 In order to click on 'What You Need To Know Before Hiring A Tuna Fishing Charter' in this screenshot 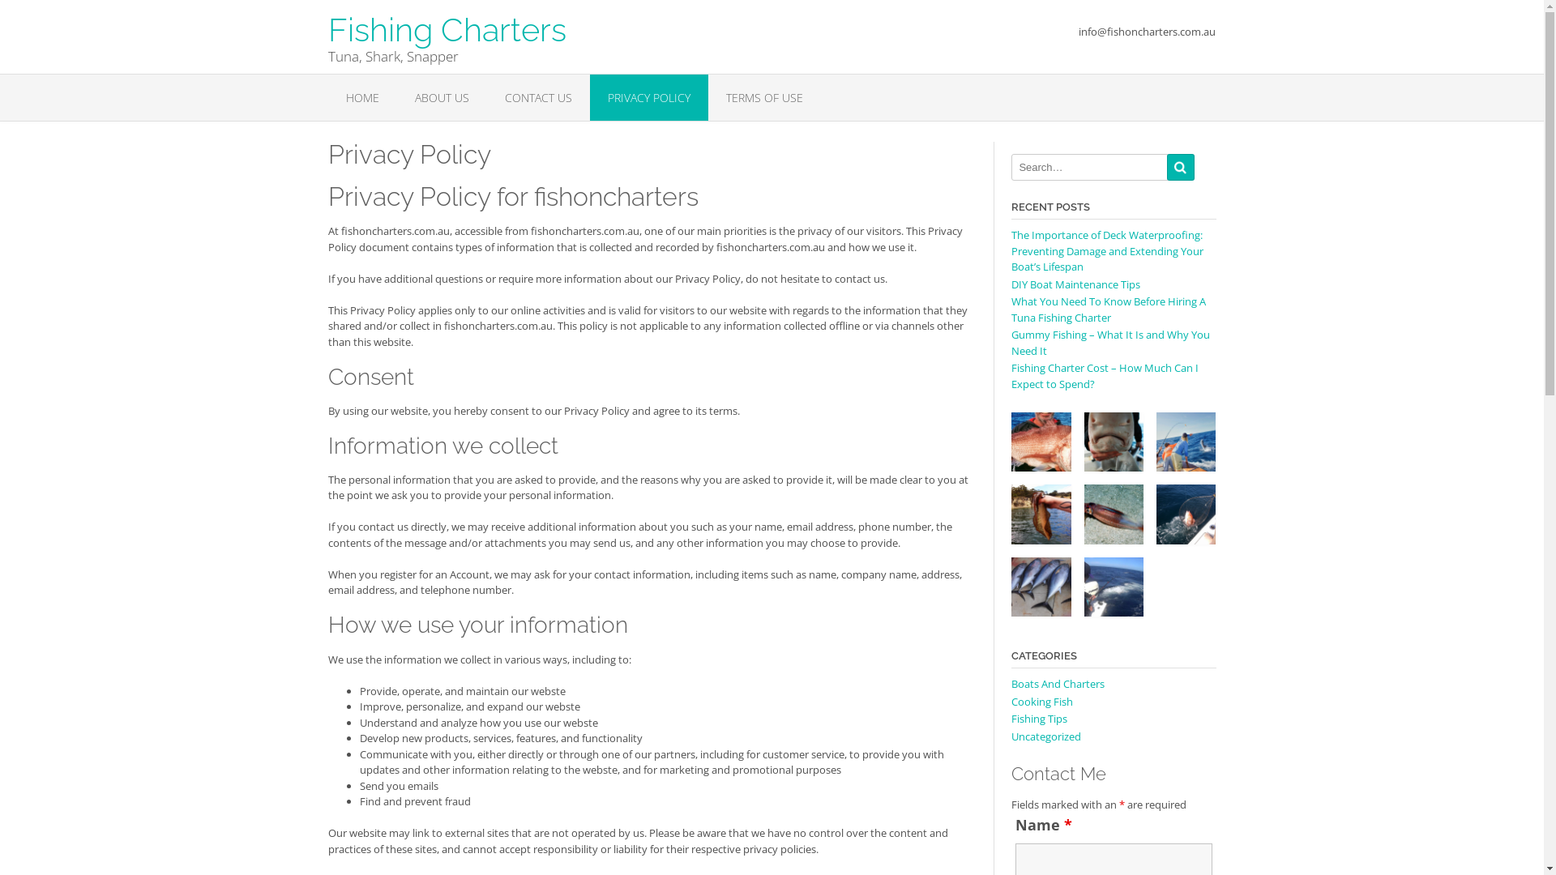, I will do `click(1108, 309)`.